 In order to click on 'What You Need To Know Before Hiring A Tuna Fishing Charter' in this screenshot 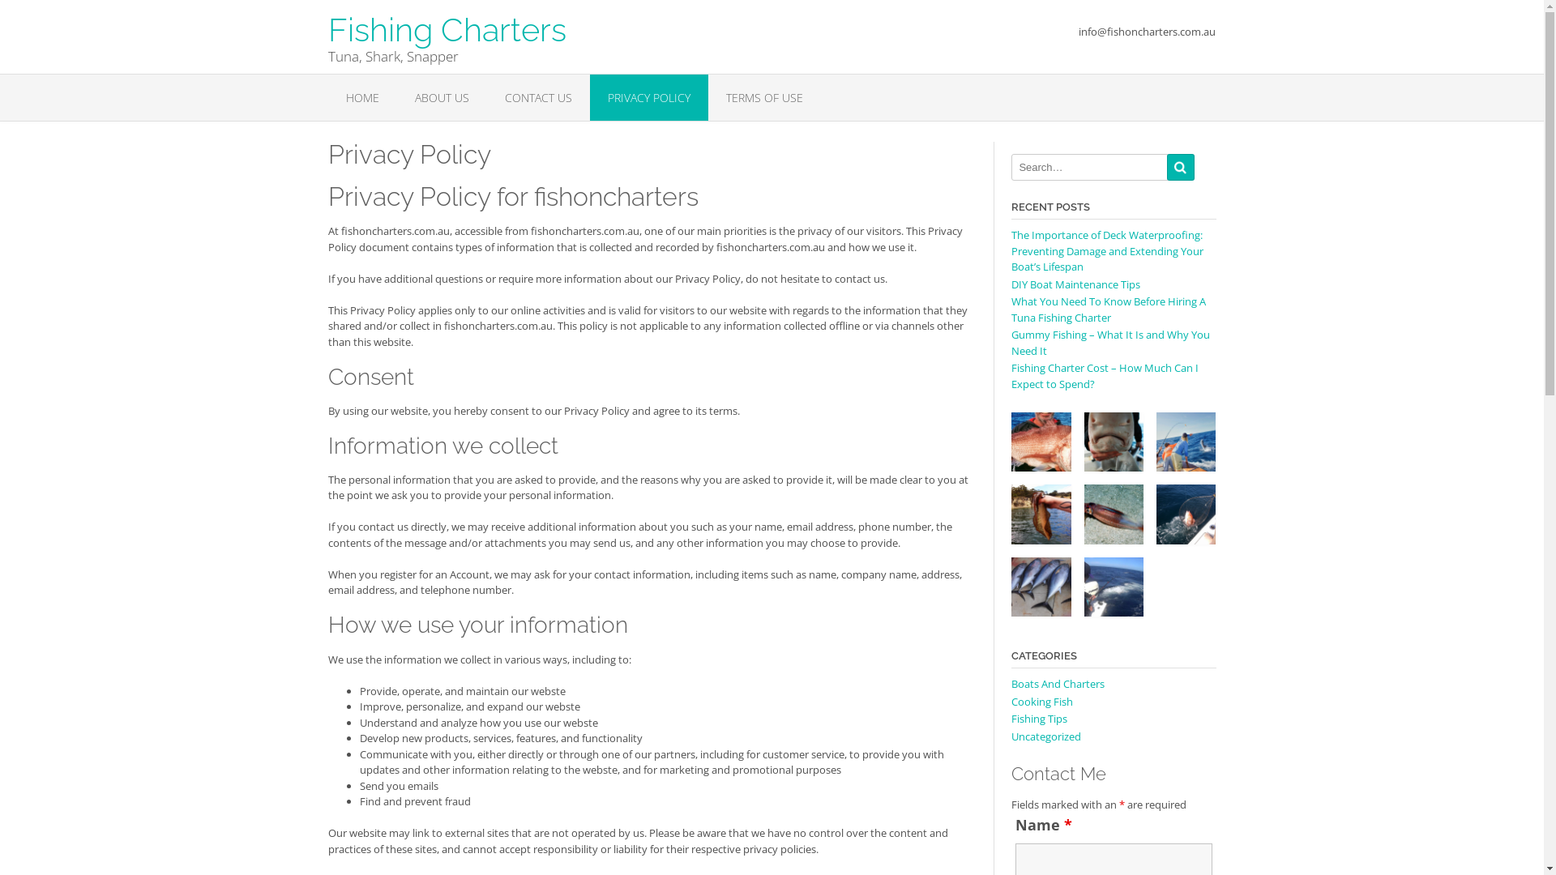, I will do `click(1108, 309)`.